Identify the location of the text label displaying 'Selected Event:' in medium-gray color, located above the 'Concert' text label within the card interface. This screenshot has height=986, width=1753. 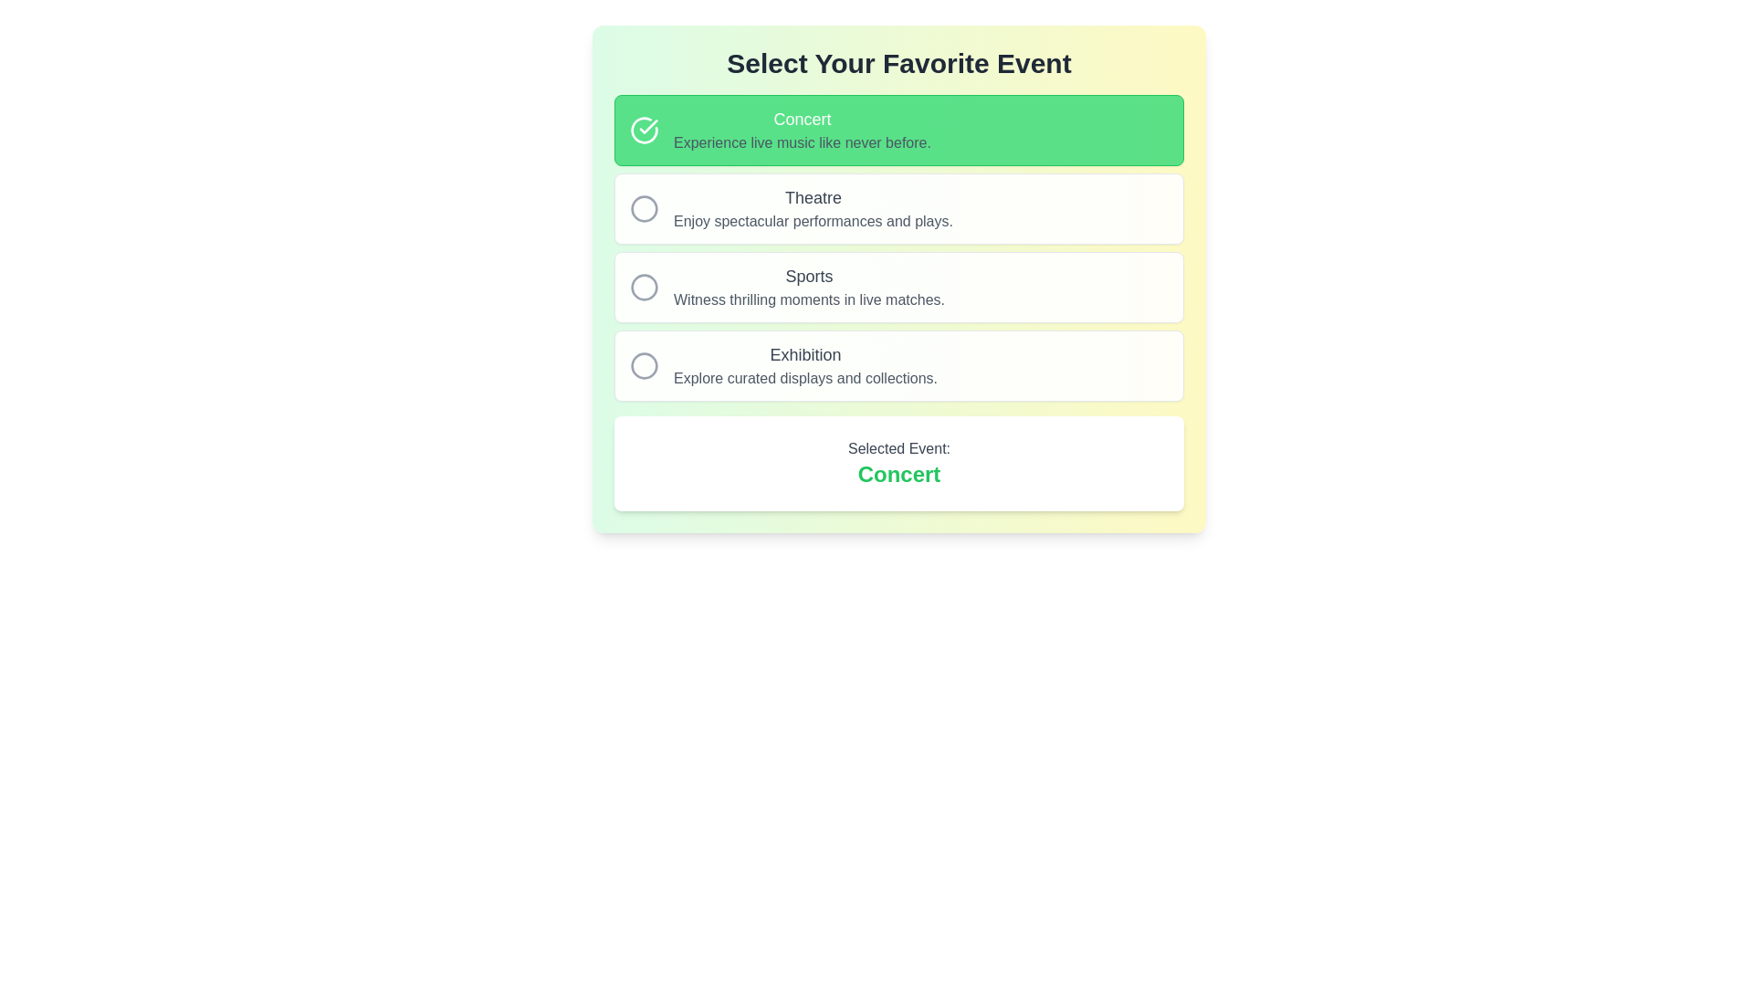
(898, 449).